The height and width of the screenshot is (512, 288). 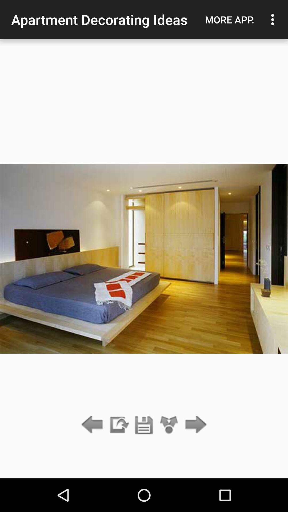 I want to click on the launch icon, so click(x=118, y=425).